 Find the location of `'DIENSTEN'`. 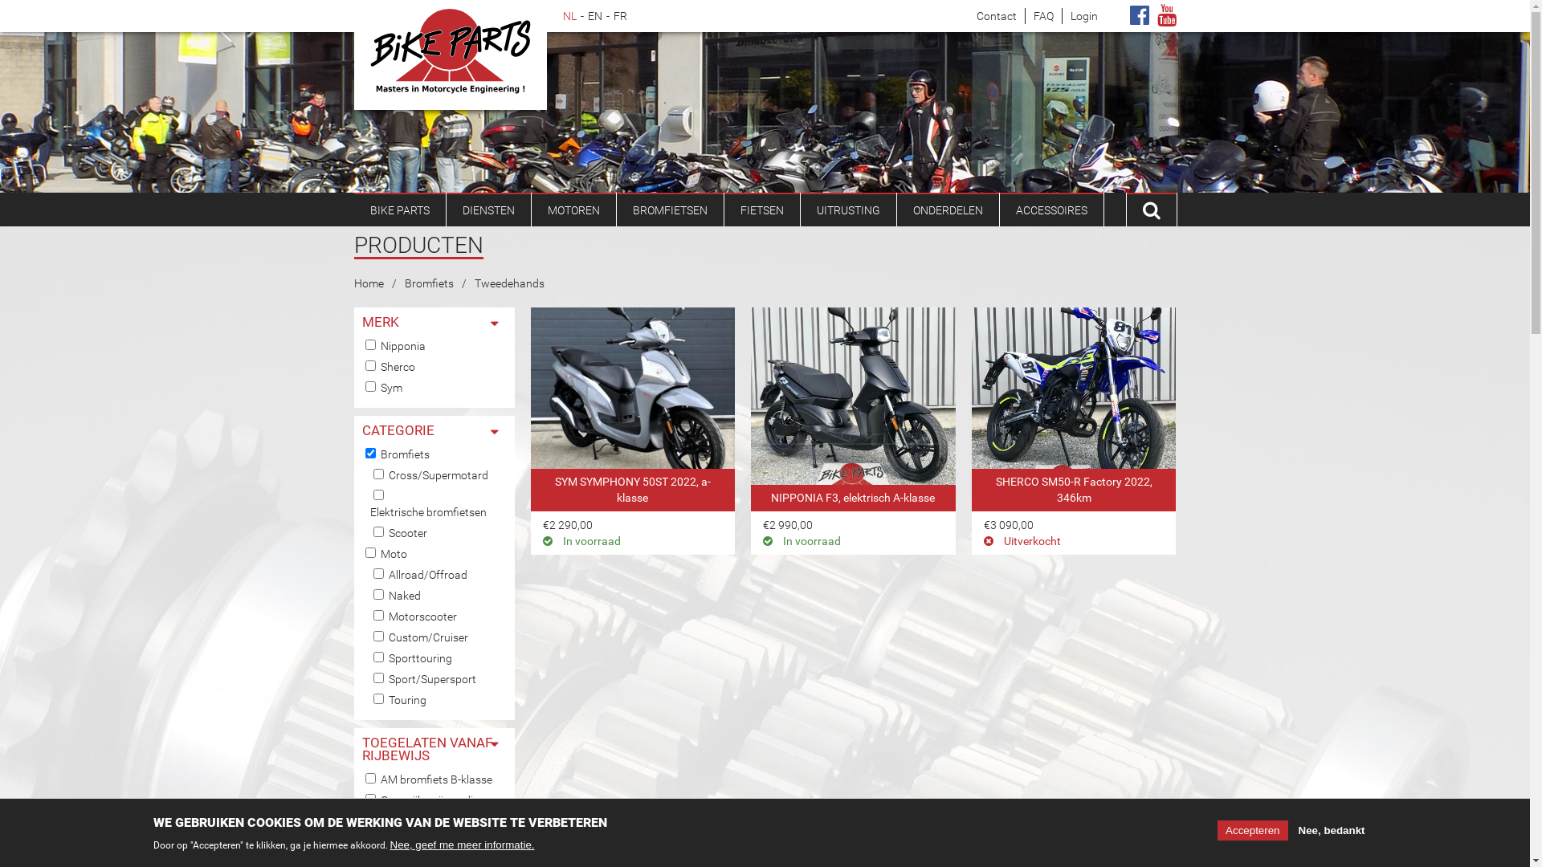

'DIENSTEN' is located at coordinates (447, 209).